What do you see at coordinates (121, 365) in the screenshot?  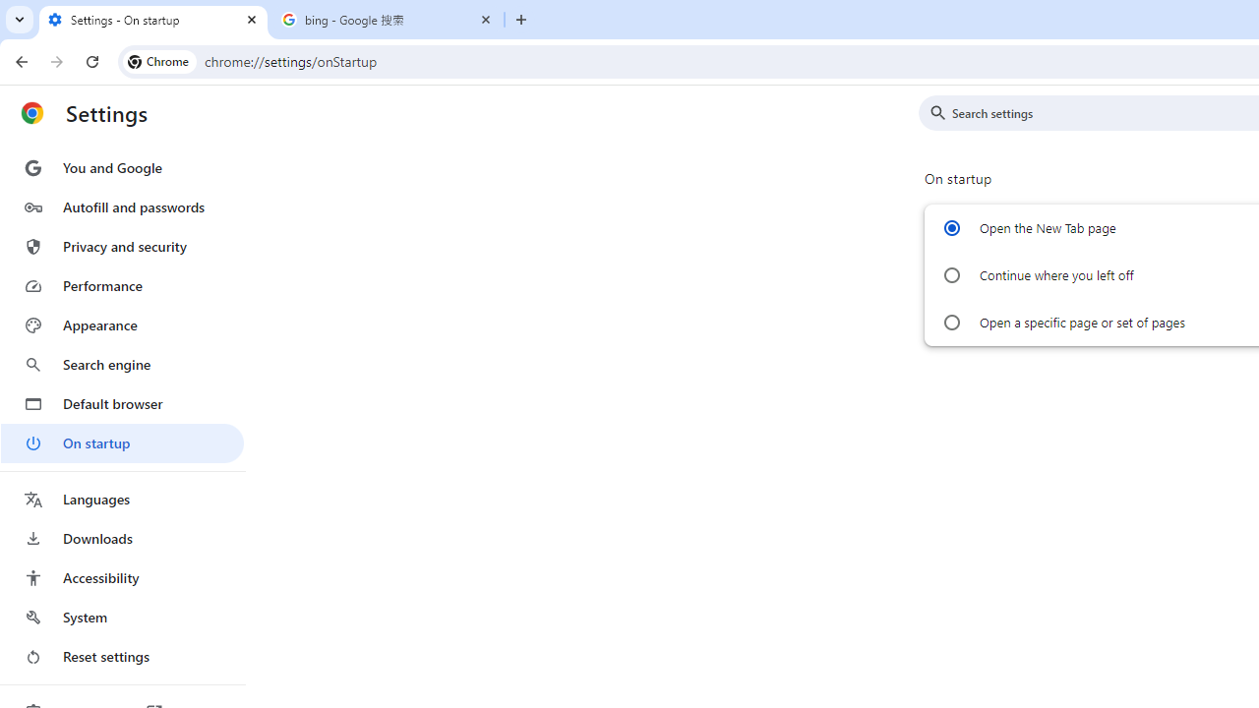 I see `'Search engine'` at bounding box center [121, 365].